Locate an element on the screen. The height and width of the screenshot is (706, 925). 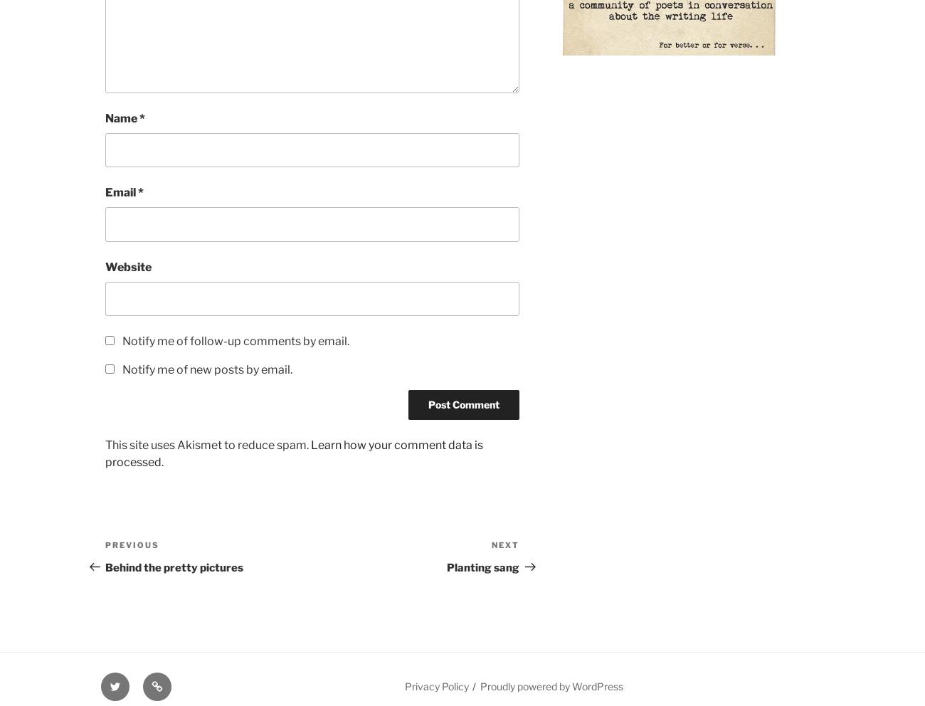
'Learn how your comment data is processed' is located at coordinates (294, 453).